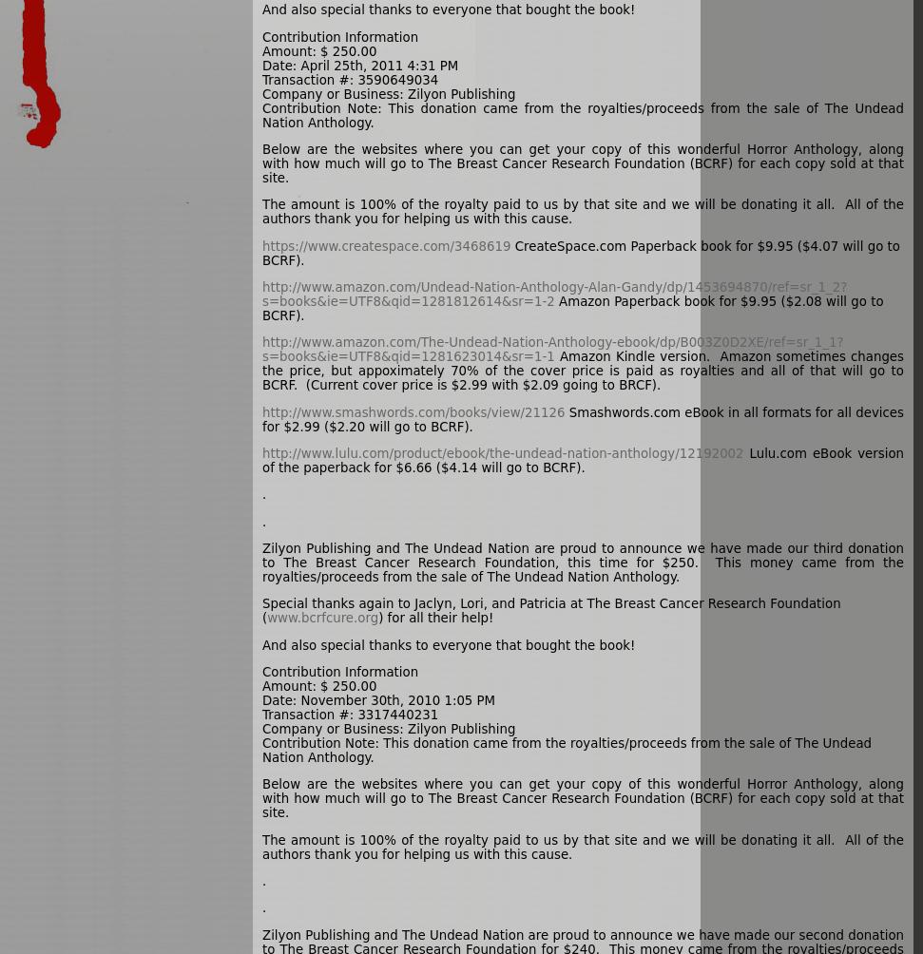  What do you see at coordinates (582, 459) in the screenshot?
I see `'Lulu.com eBook version of the paperback for $6.66 ($4.14 will go to BCRF).'` at bounding box center [582, 459].